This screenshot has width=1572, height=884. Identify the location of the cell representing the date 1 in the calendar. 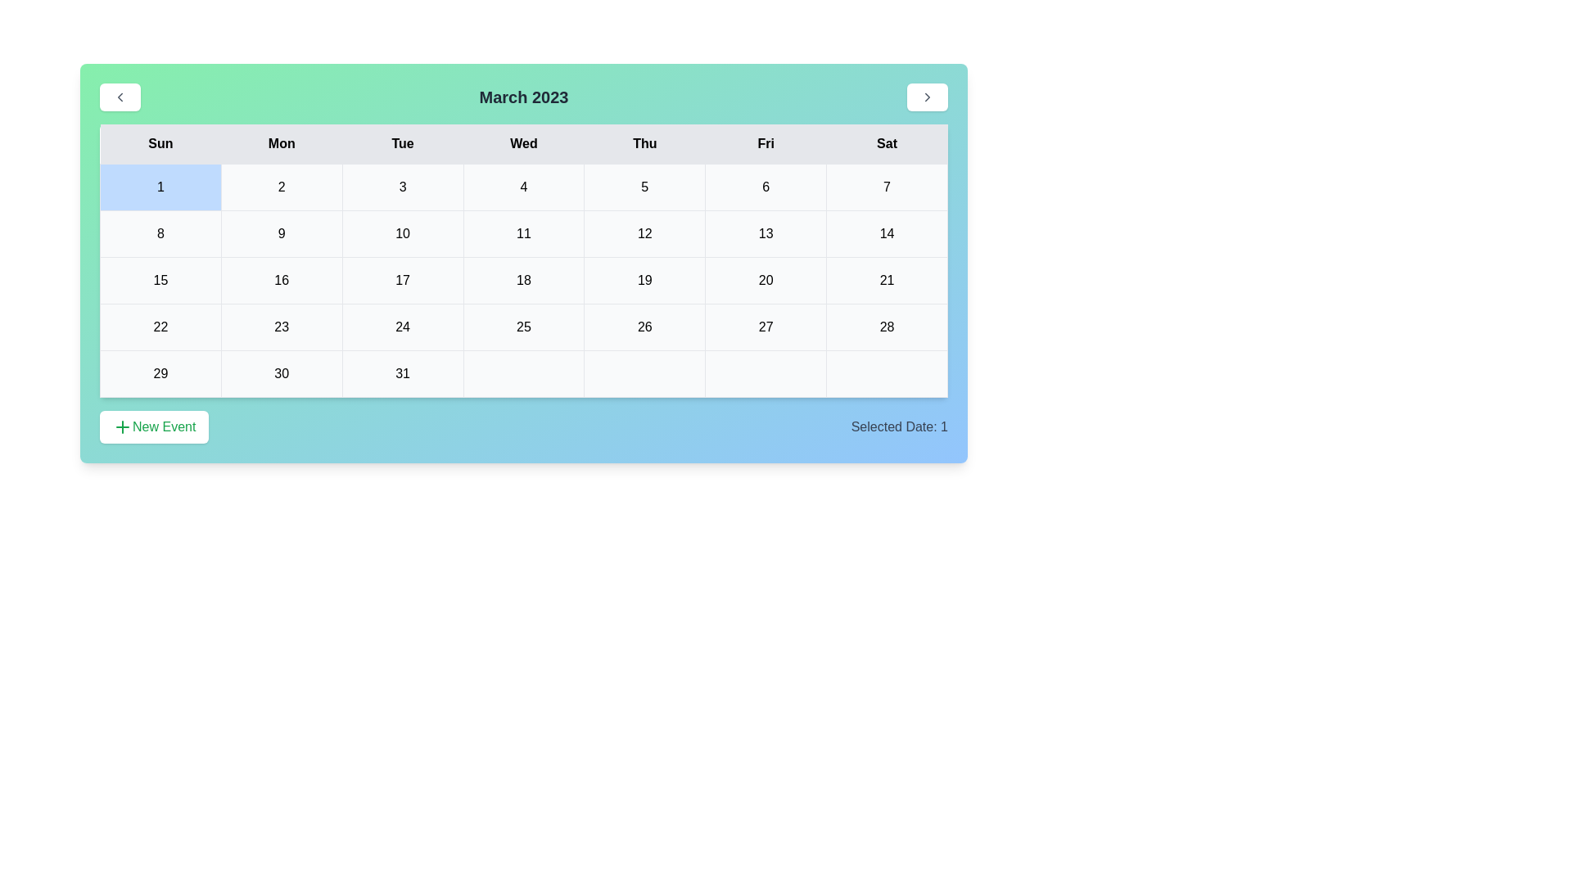
(160, 186).